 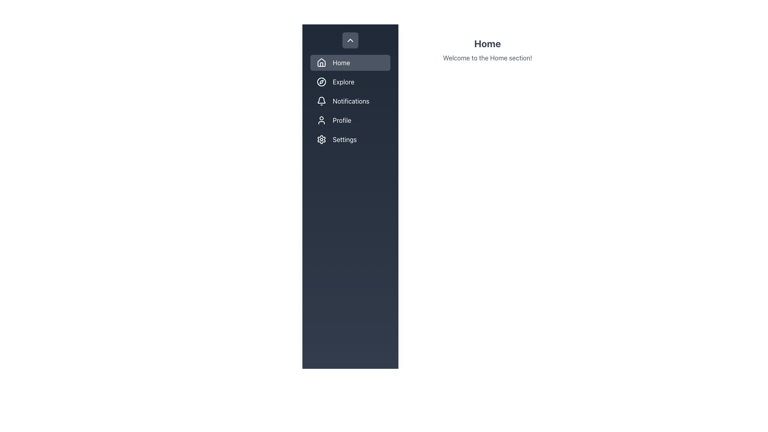 I want to click on the 'Profile' button located in the vertical navigation list within the sidebar, so click(x=350, y=120).